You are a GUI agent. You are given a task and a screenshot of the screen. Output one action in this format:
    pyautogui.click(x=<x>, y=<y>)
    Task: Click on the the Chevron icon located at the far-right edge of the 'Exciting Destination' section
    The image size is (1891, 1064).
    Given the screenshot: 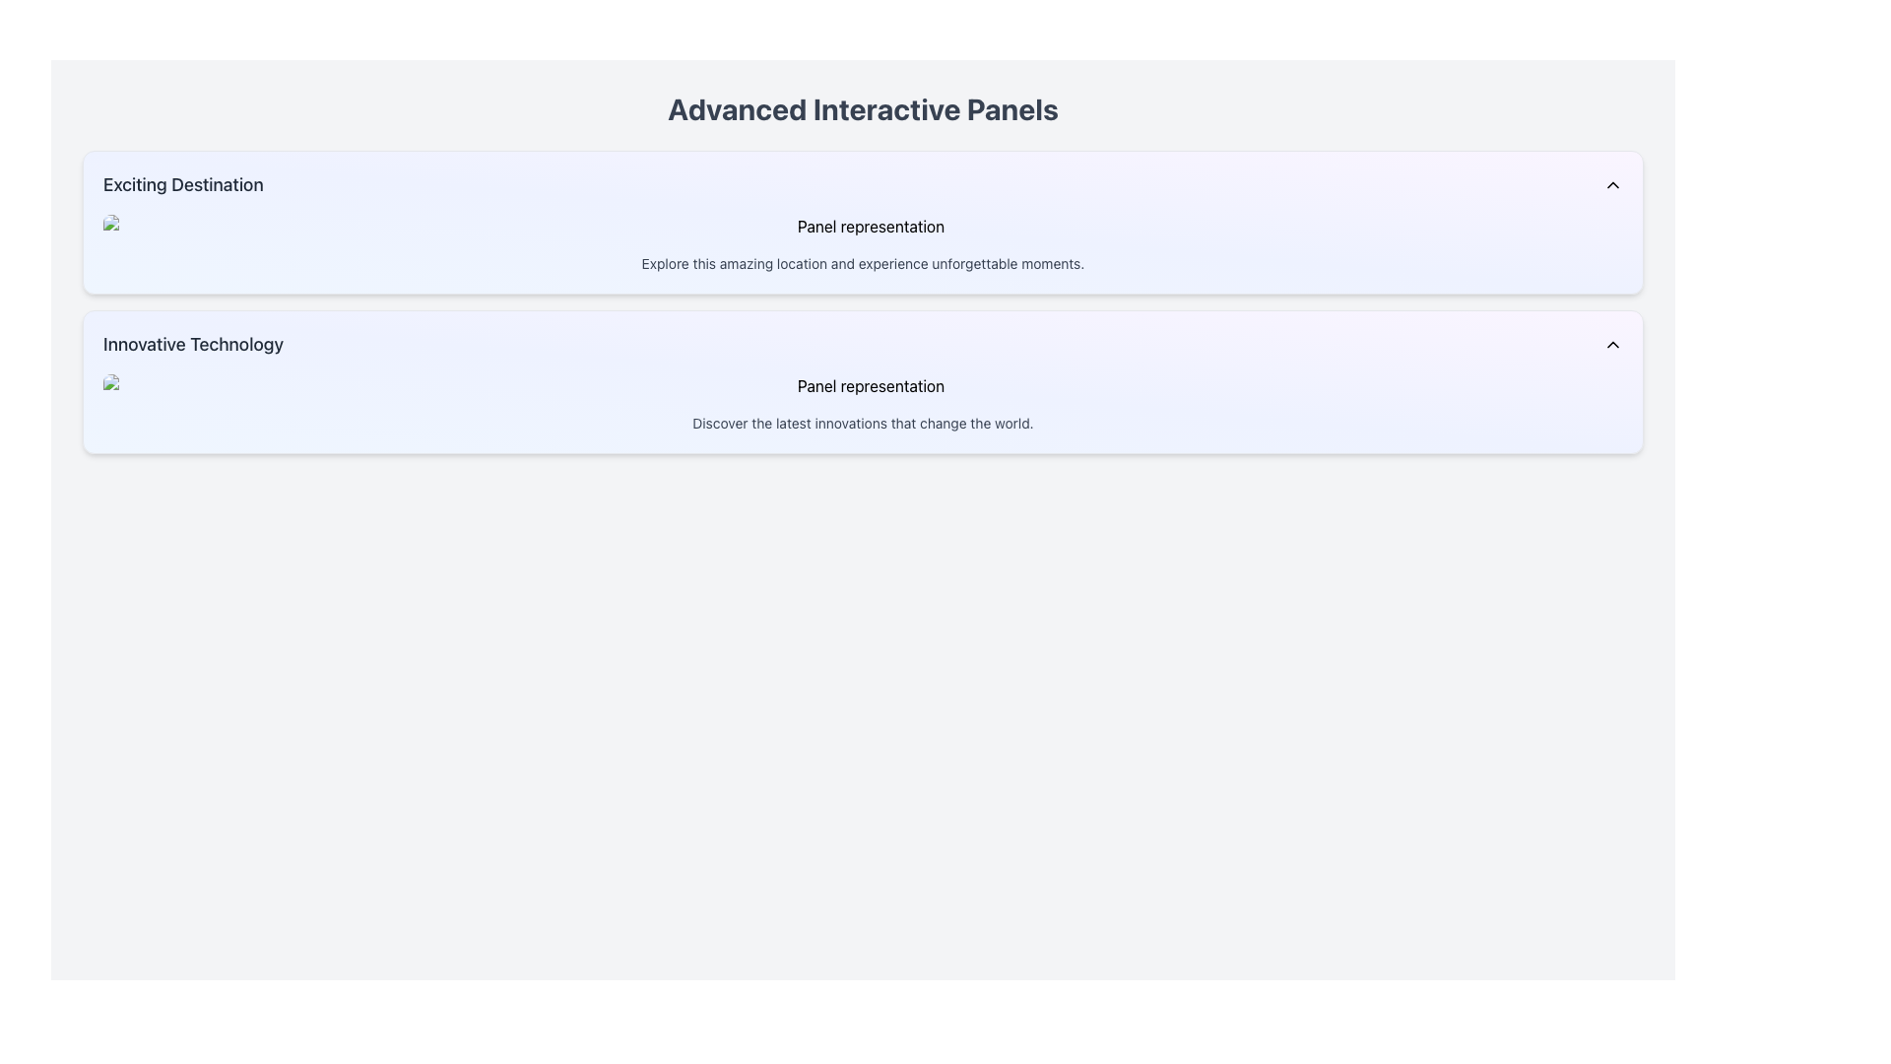 What is the action you would take?
    pyautogui.click(x=1612, y=185)
    